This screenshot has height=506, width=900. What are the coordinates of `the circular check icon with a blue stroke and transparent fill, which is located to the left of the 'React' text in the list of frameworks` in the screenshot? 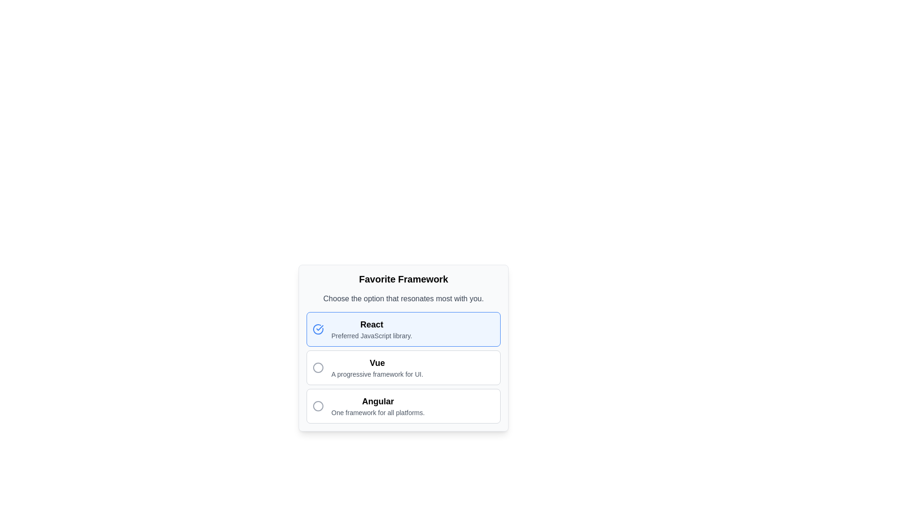 It's located at (318, 328).